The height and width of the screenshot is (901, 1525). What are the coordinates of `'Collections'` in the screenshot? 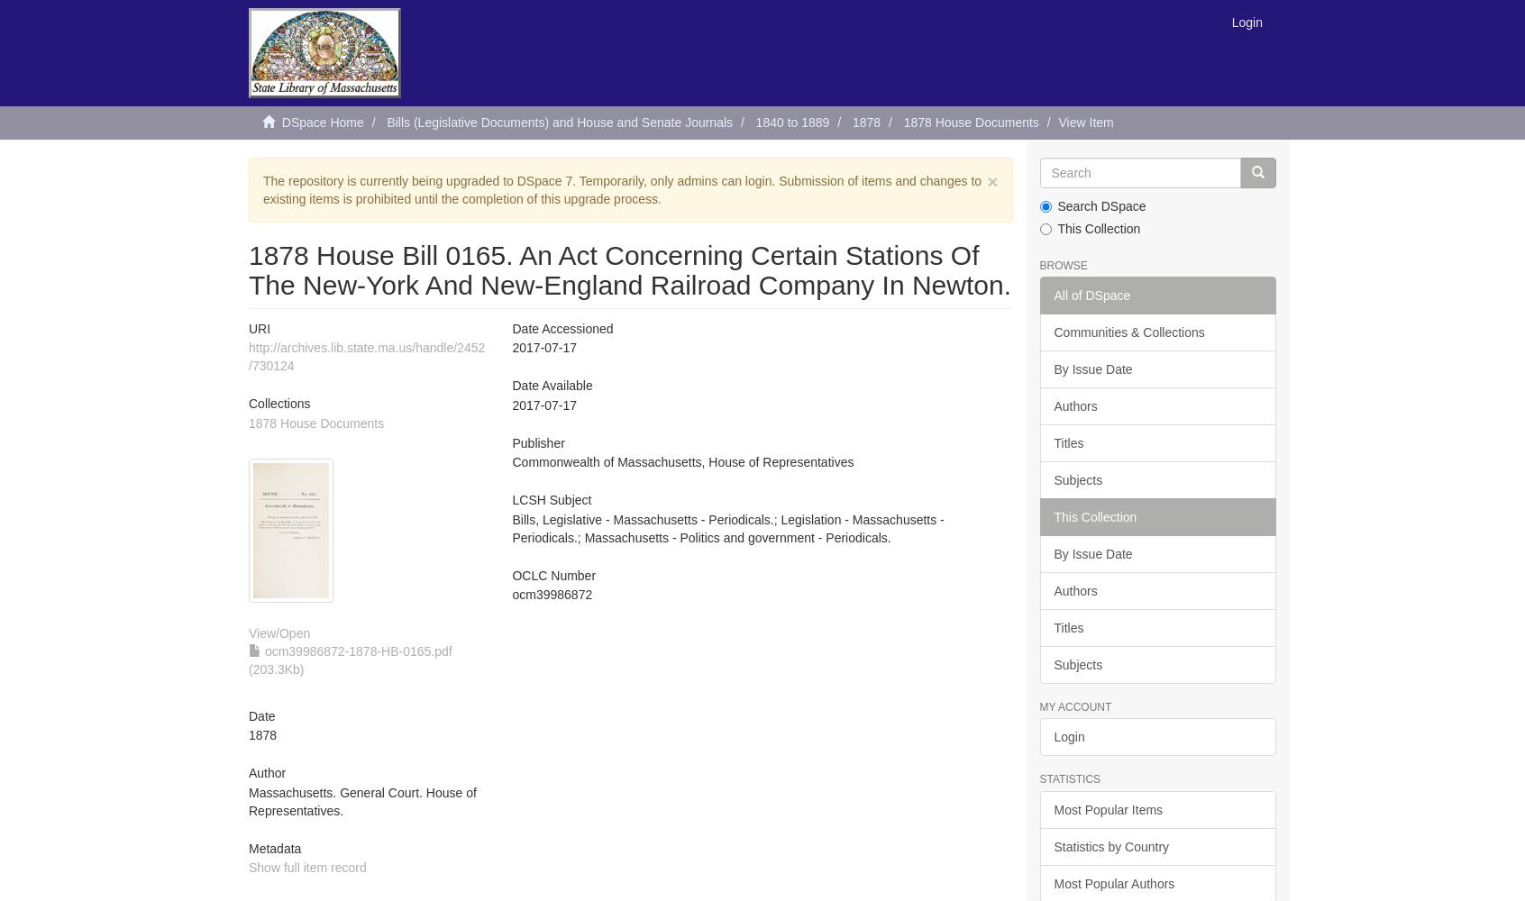 It's located at (278, 403).